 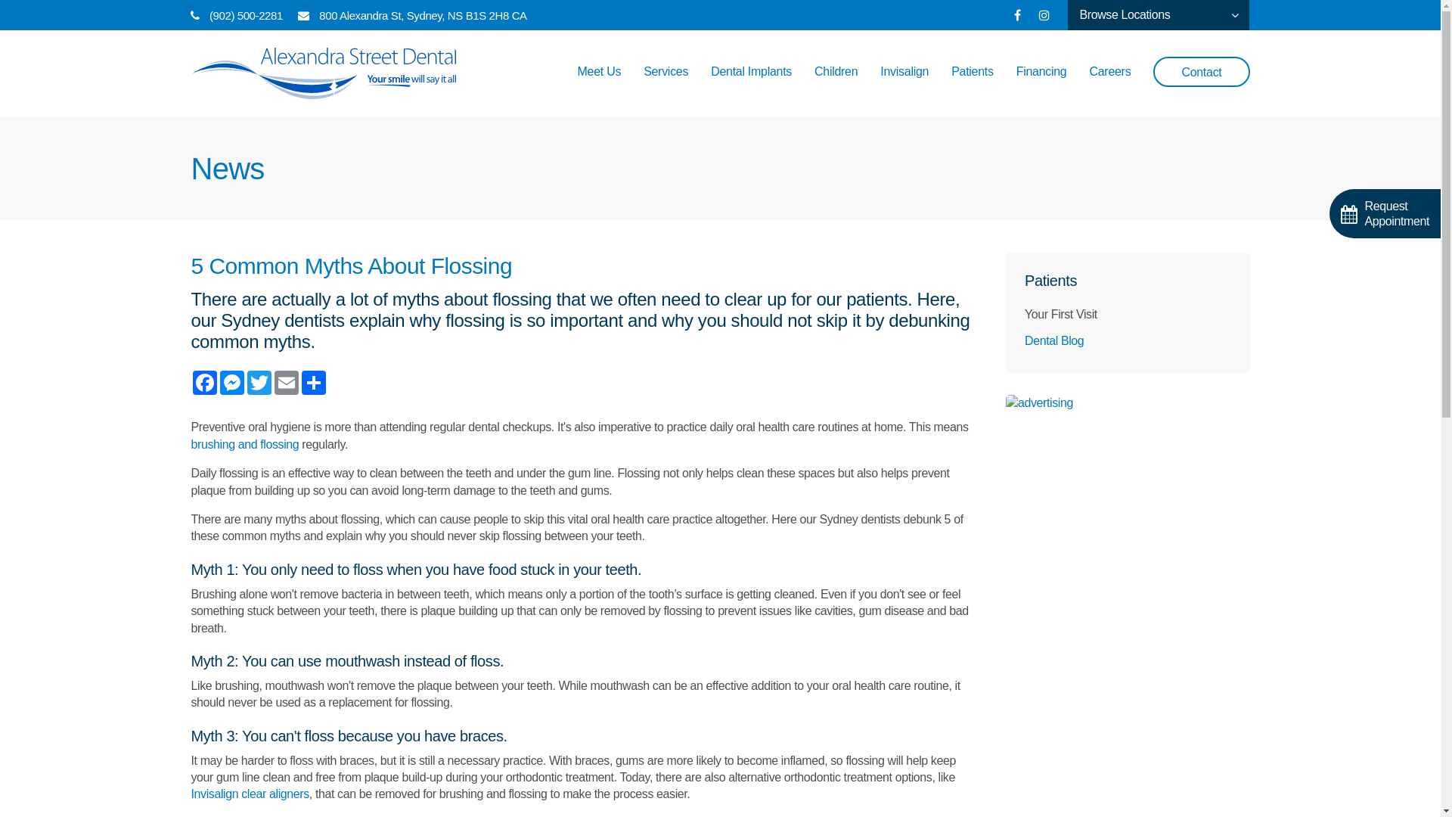 What do you see at coordinates (286, 381) in the screenshot?
I see `'Email'` at bounding box center [286, 381].